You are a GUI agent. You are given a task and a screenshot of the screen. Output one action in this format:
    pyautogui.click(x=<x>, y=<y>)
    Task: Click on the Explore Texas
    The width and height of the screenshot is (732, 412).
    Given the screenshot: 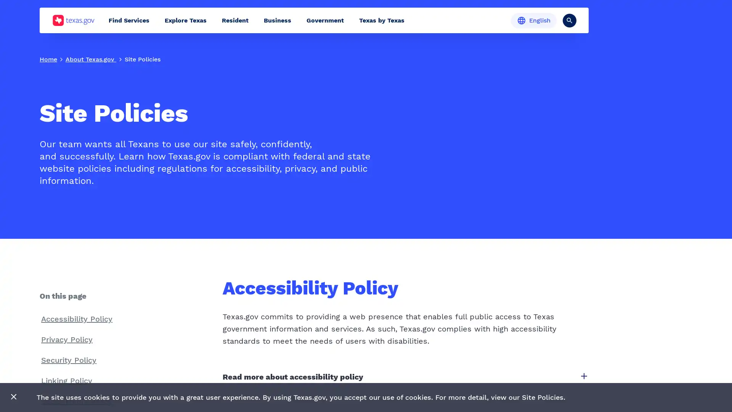 What is the action you would take?
    pyautogui.click(x=185, y=20)
    